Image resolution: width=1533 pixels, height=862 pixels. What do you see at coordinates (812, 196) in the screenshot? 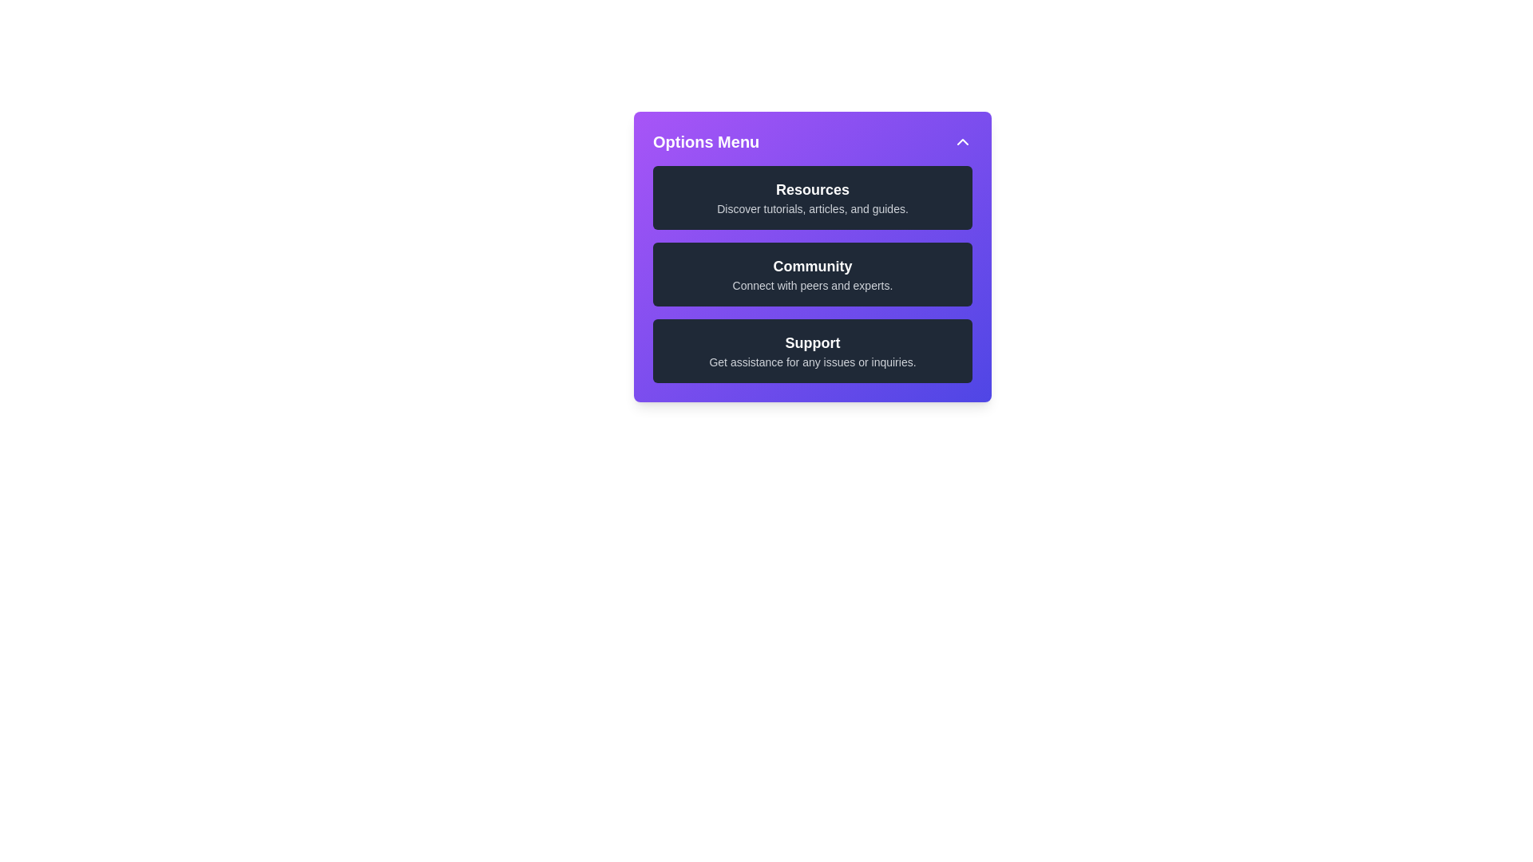
I see `the list item labeled 'Resources' to observe the hover effect` at bounding box center [812, 196].